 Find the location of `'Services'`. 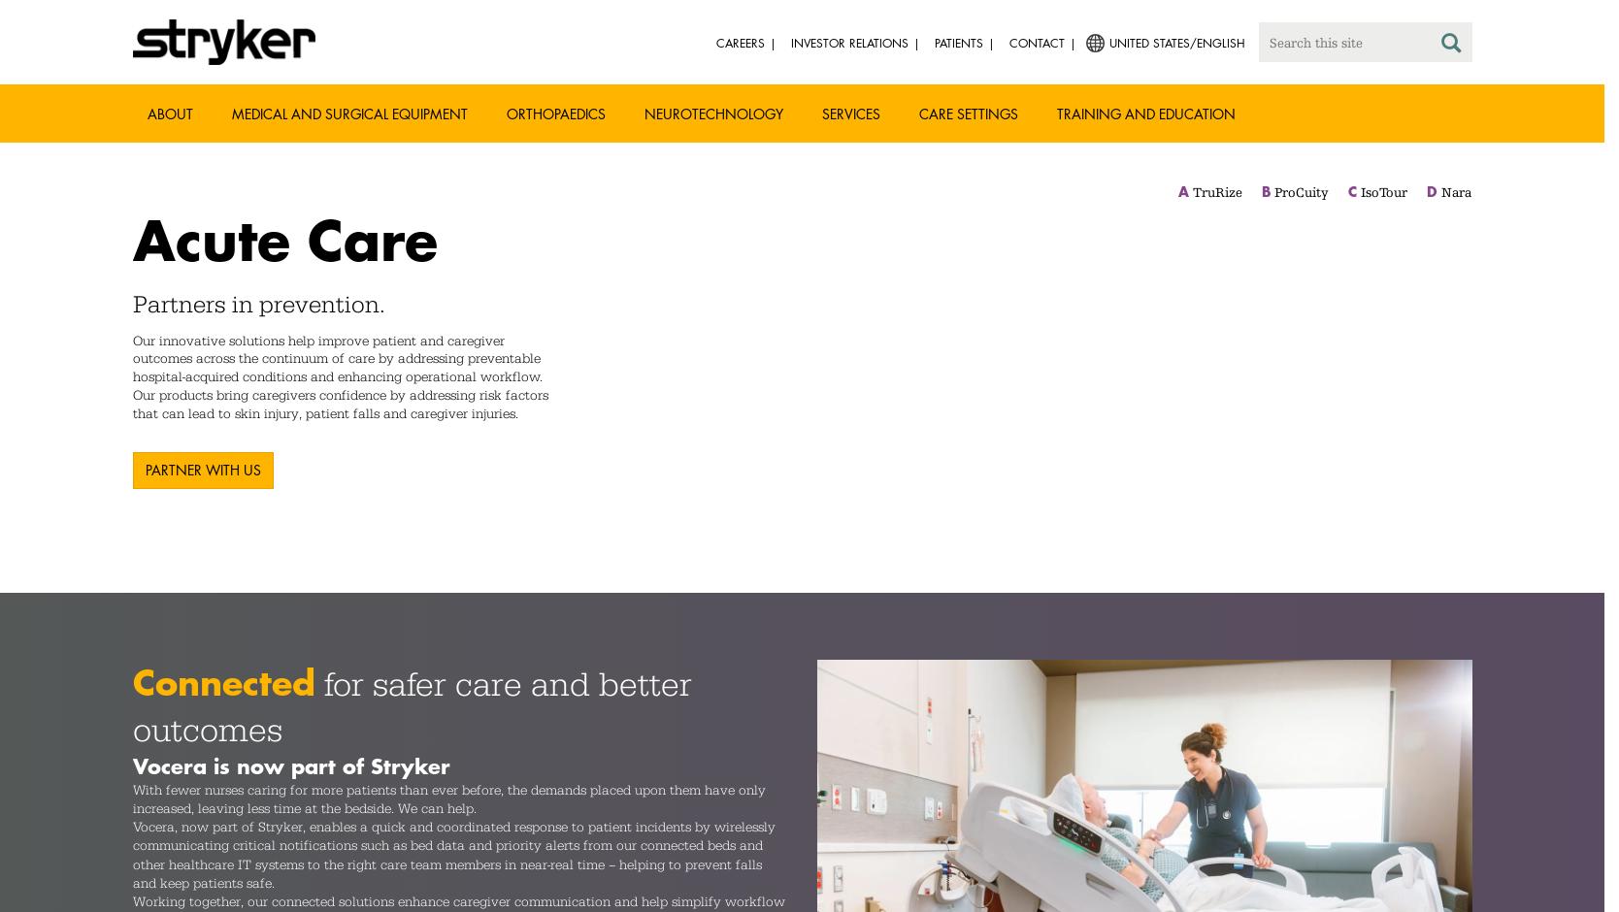

'Services' is located at coordinates (850, 114).